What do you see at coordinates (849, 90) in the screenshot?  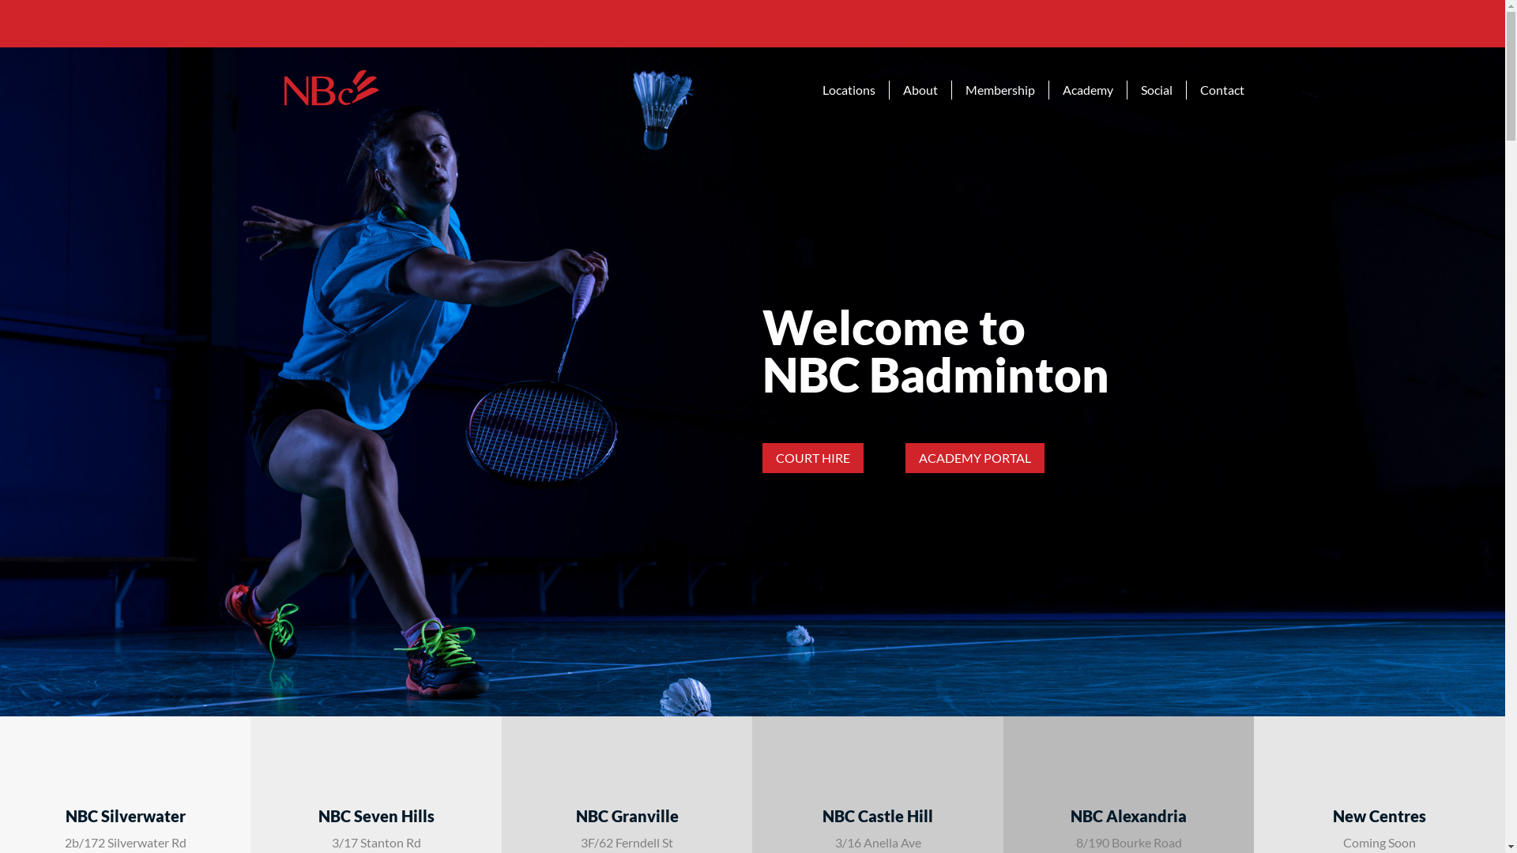 I see `'Locations'` at bounding box center [849, 90].